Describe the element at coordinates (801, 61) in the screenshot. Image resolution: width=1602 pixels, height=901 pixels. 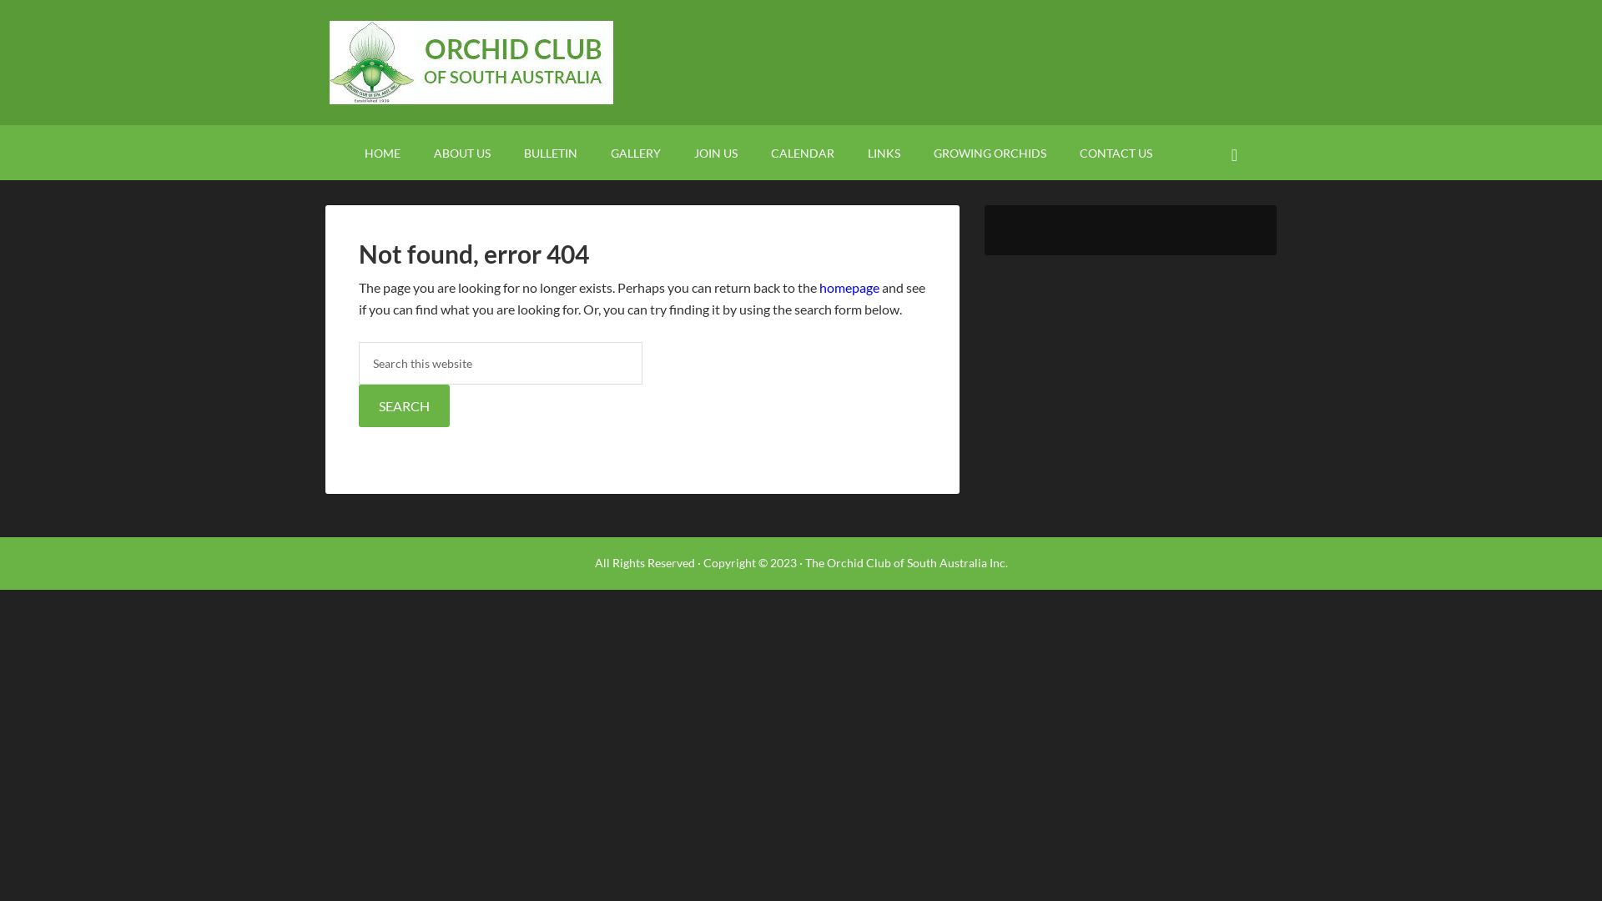
I see `'ORCHID CLUB OF SOUTH AUSTRALIA INC.'` at that location.